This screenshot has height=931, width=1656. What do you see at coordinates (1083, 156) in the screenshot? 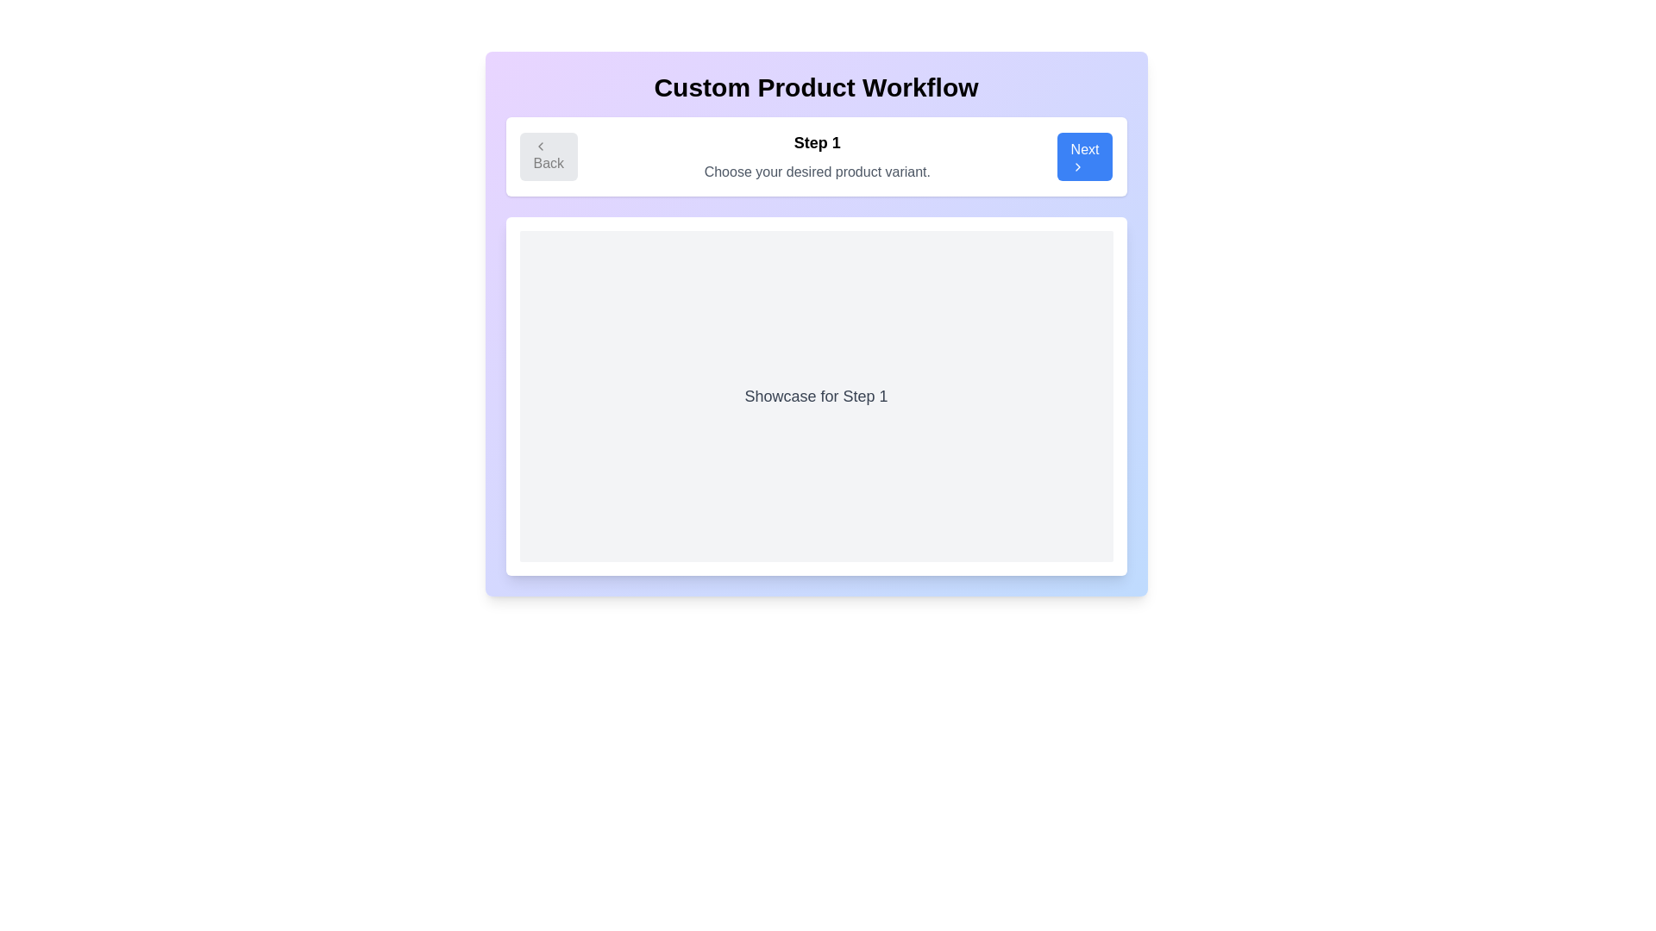
I see `'Next' button to navigate to the next step` at bounding box center [1083, 156].